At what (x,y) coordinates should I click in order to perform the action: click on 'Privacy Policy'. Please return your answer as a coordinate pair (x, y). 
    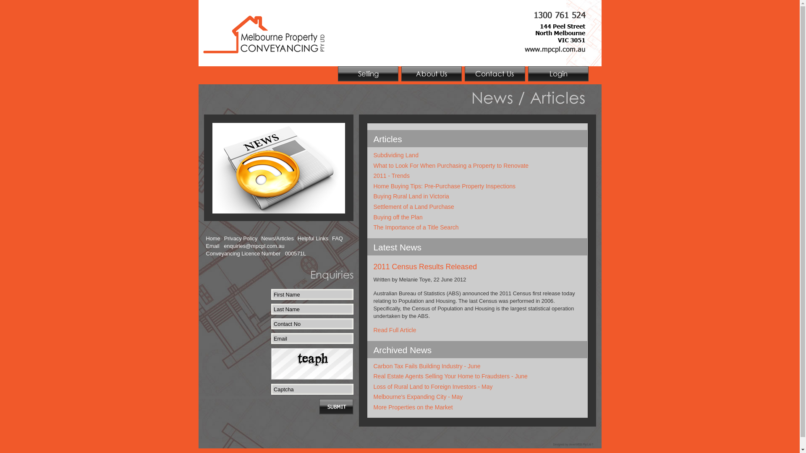
    Looking at the image, I should click on (241, 239).